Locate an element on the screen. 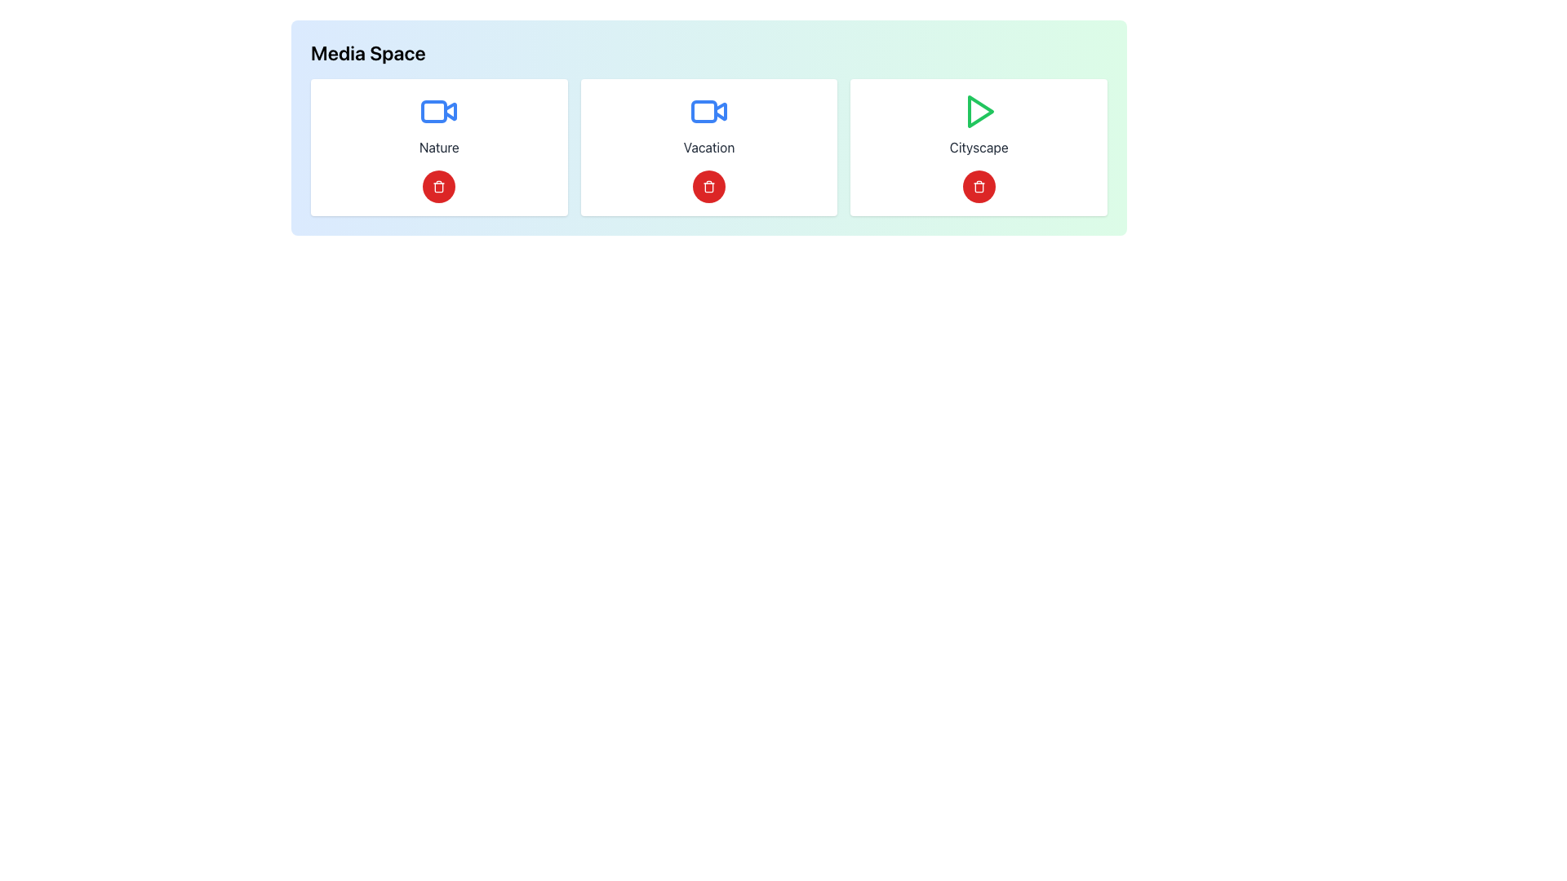  the blue rectangle with rounded corners that is part of the video recorder icon labeled 'Vacation' in the middle card of the three horizontal cards is located at coordinates (704, 111).